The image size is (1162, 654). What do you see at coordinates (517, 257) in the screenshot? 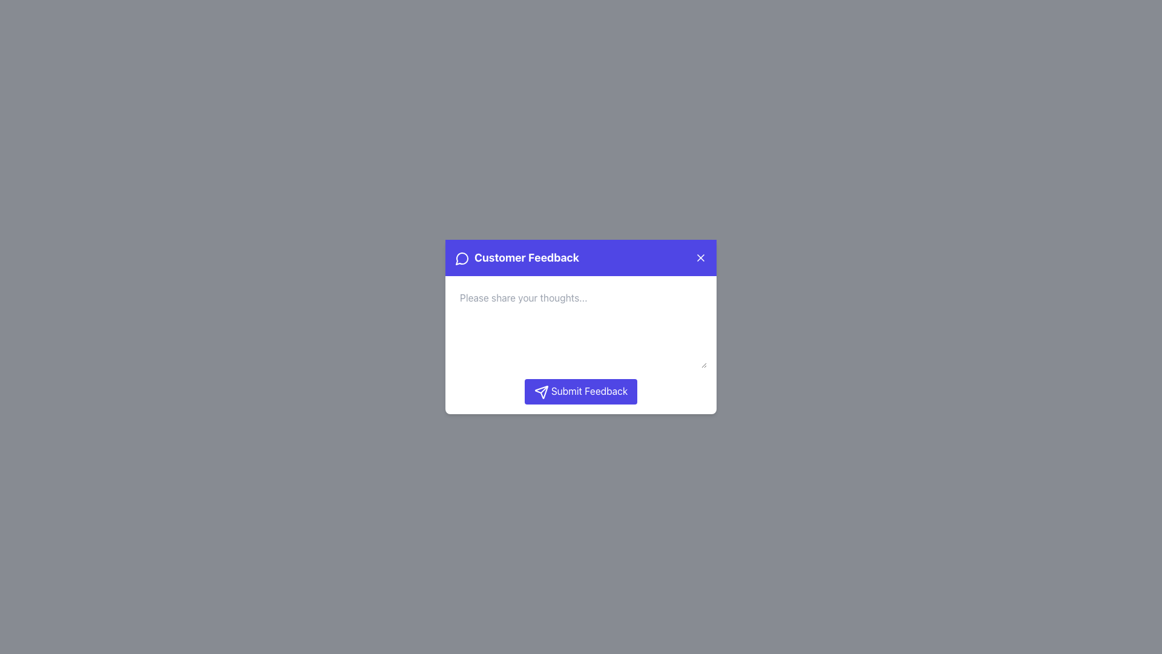
I see `the 'Customer Feedback' text label located in the purple header bar of the popup interface, which is aligned to the left side next to a speech bubble icon` at bounding box center [517, 257].